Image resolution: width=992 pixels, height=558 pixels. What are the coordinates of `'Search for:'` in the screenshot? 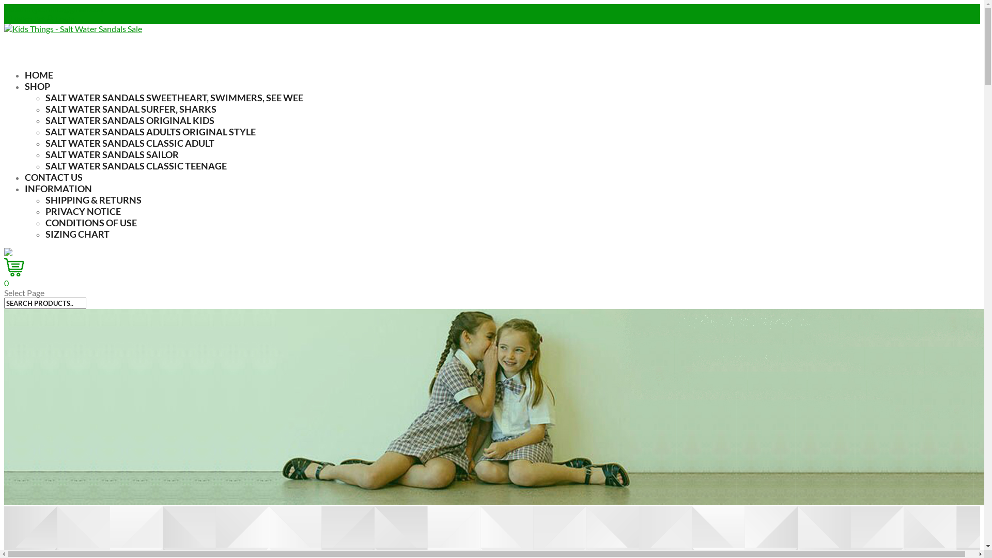 It's located at (44, 302).